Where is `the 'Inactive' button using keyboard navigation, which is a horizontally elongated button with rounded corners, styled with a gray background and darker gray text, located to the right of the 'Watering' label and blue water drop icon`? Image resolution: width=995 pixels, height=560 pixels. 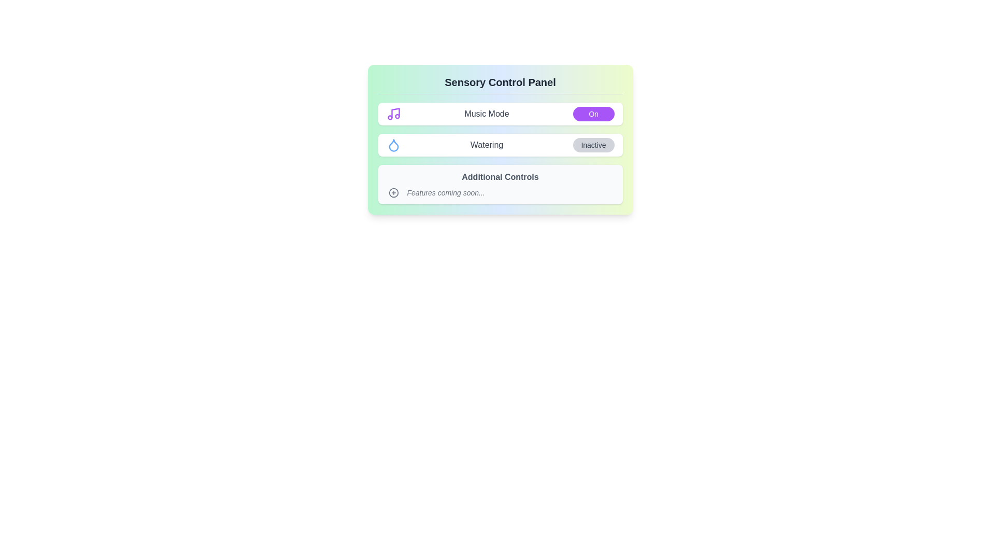
the 'Inactive' button using keyboard navigation, which is a horizontally elongated button with rounded corners, styled with a gray background and darker gray text, located to the right of the 'Watering' label and blue water drop icon is located at coordinates (593, 145).